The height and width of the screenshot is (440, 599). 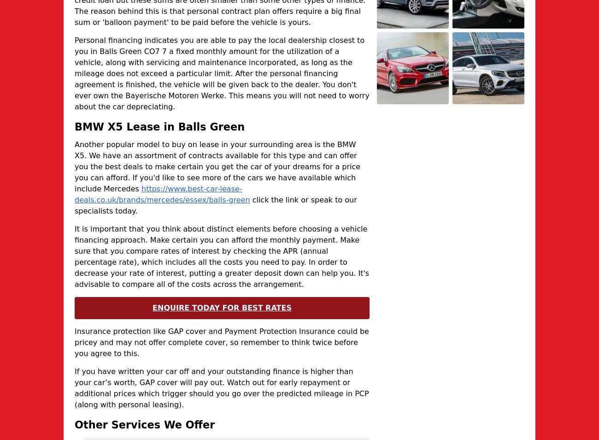 What do you see at coordinates (221, 307) in the screenshot?
I see `'ENQUIRE TODAY FOR BEST RATES'` at bounding box center [221, 307].